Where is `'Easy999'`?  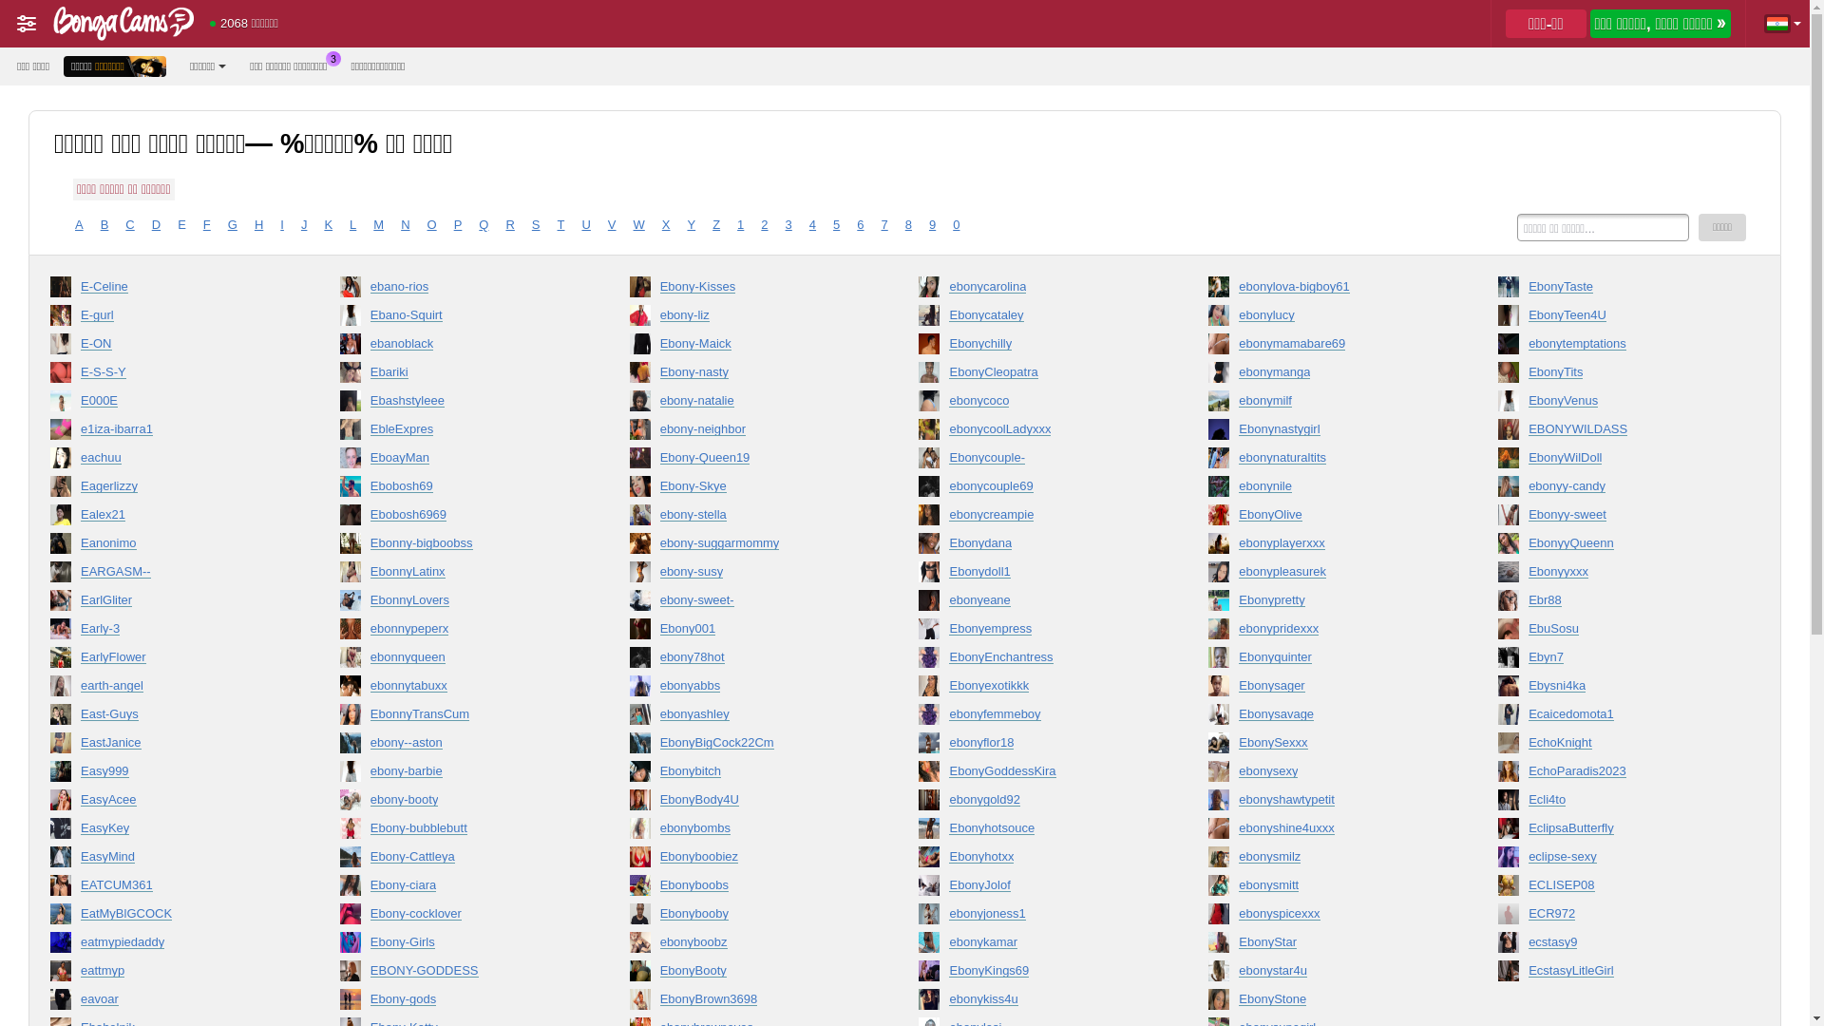
'Easy999' is located at coordinates (168, 775).